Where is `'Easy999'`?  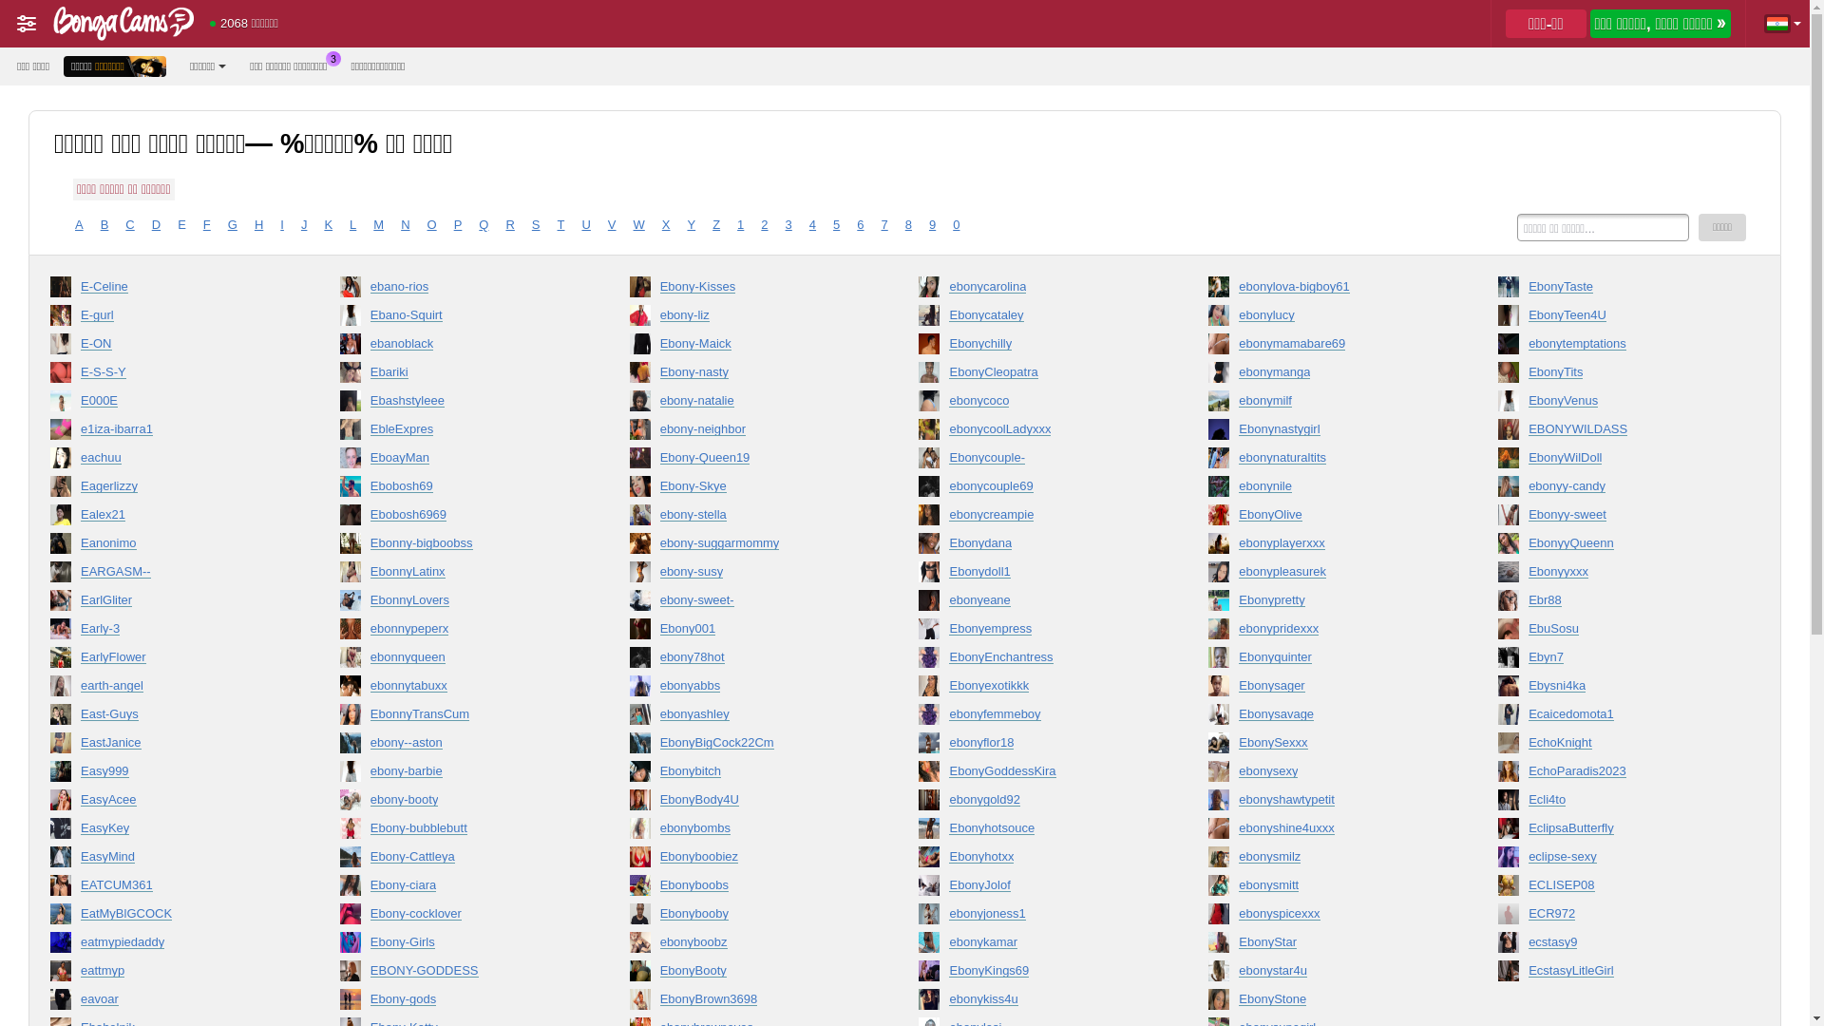
'Easy999' is located at coordinates (168, 775).